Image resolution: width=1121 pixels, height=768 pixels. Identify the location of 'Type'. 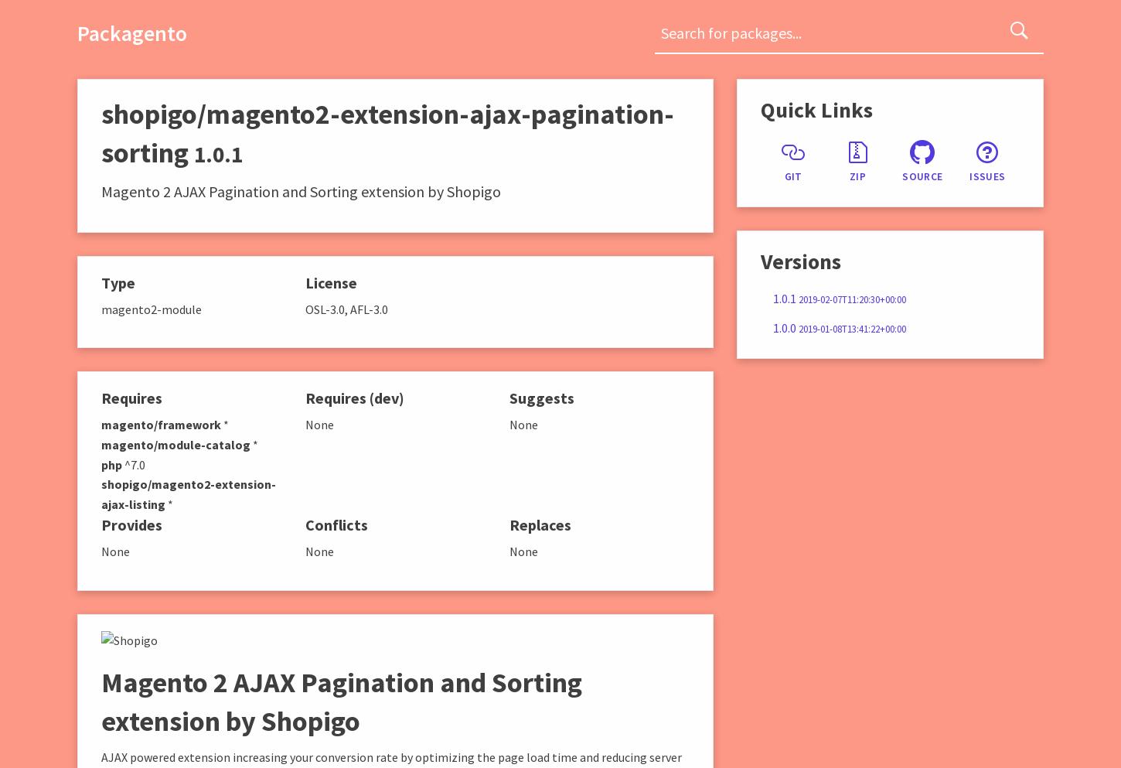
(117, 282).